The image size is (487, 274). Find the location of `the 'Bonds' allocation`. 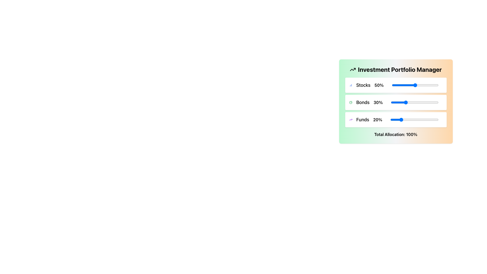

the 'Bonds' allocation is located at coordinates (424, 102).